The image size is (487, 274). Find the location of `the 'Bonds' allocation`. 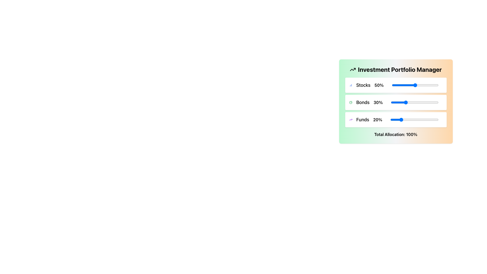

the 'Bonds' allocation is located at coordinates (424, 102).